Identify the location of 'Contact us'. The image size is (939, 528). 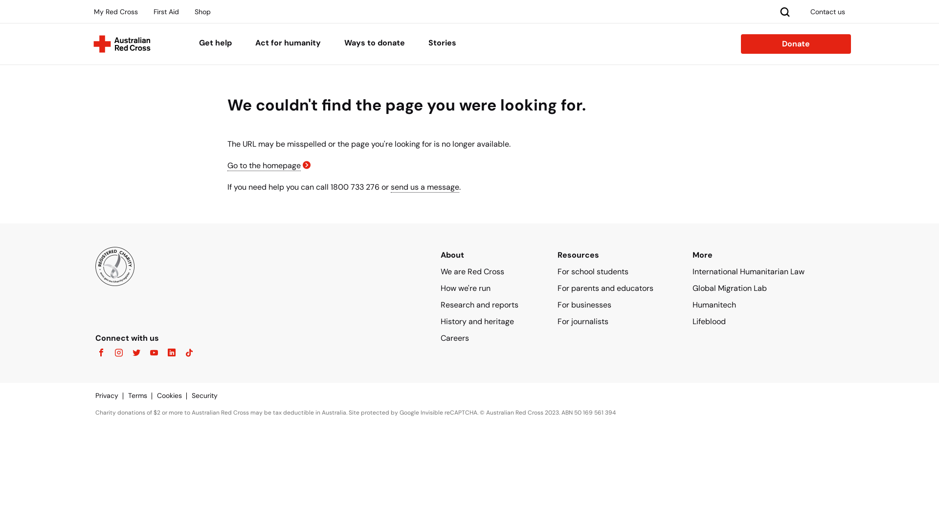
(827, 11).